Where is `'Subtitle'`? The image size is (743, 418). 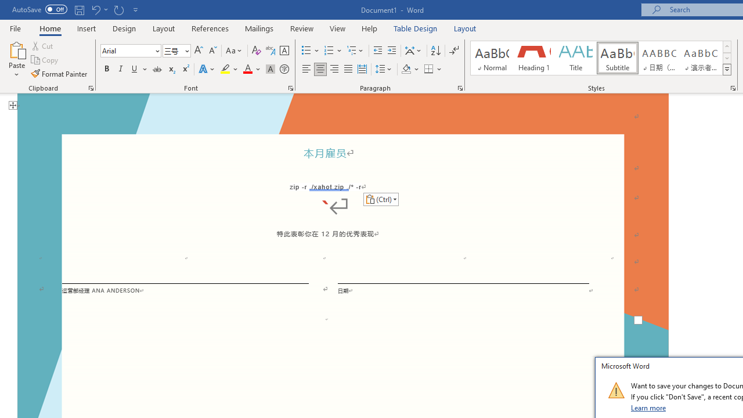 'Subtitle' is located at coordinates (616, 58).